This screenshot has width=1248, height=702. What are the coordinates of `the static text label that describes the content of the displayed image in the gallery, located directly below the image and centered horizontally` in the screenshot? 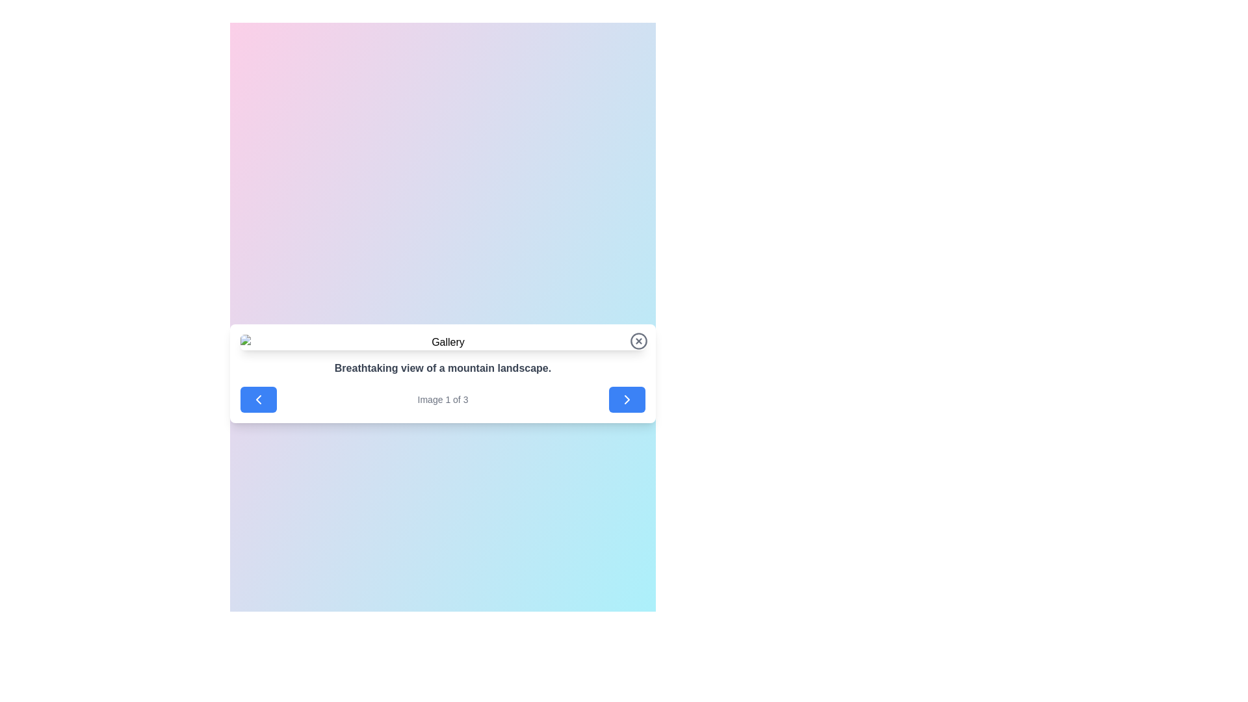 It's located at (443, 369).